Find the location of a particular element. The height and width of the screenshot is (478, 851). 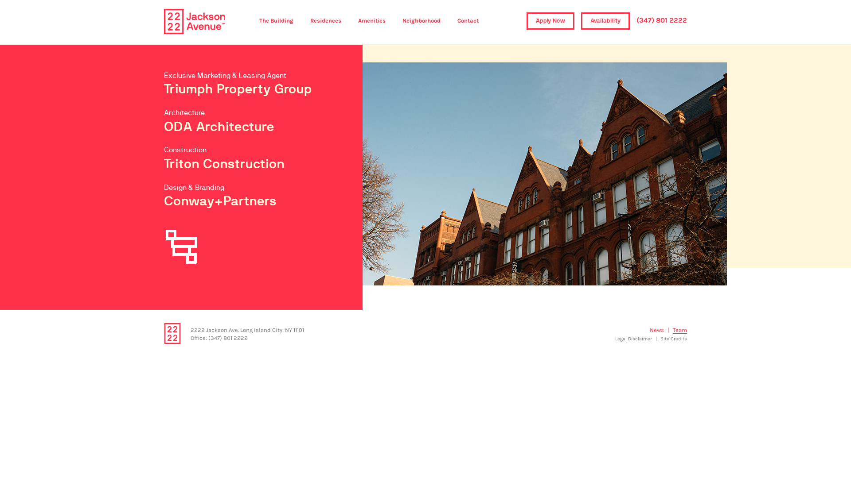

'2222 Jackson Avenue' is located at coordinates (194, 21).